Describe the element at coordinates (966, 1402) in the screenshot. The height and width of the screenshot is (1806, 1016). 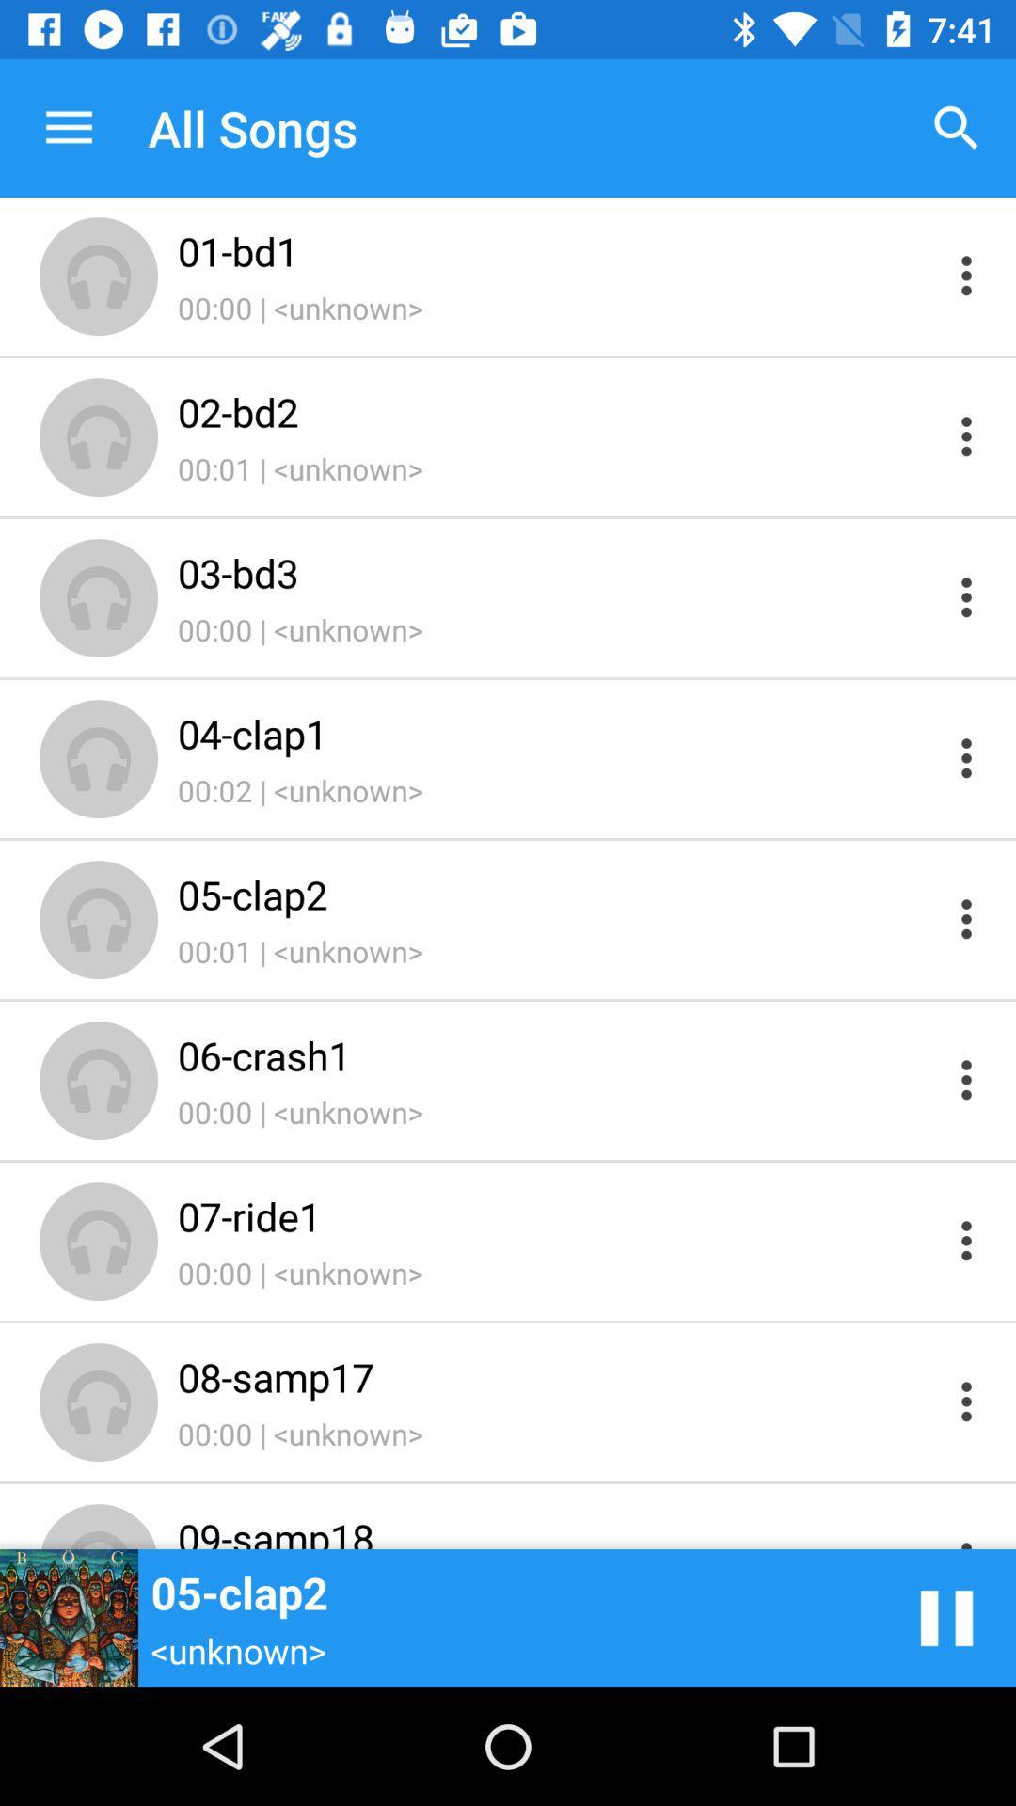
I see `options of song` at that location.